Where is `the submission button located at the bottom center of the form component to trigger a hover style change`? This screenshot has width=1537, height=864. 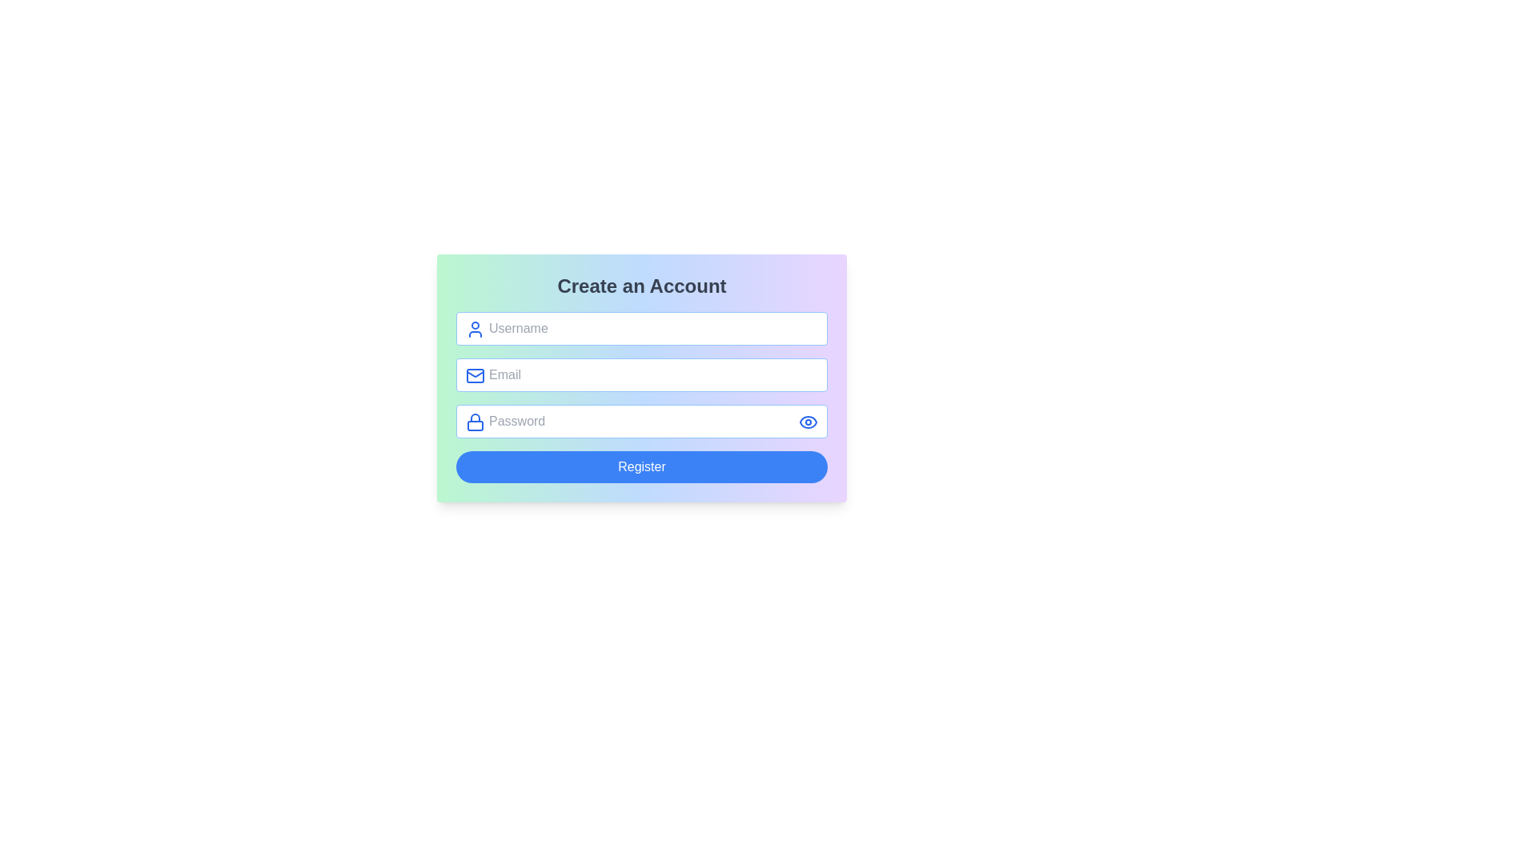
the submission button located at the bottom center of the form component to trigger a hover style change is located at coordinates (641, 466).